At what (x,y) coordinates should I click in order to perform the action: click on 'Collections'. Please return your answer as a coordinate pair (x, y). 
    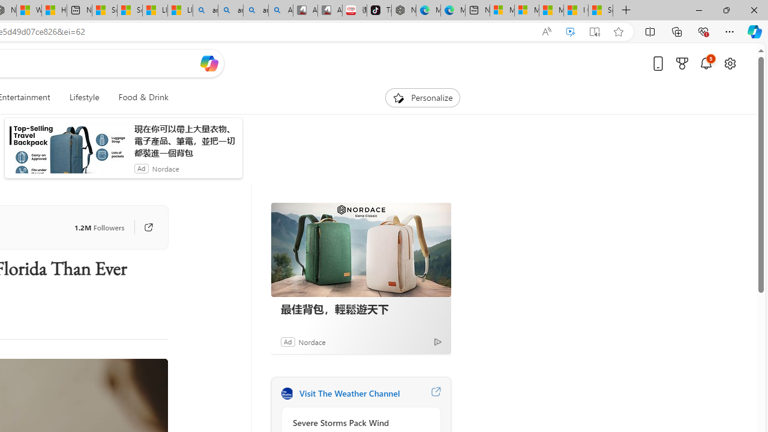
    Looking at the image, I should click on (677, 31).